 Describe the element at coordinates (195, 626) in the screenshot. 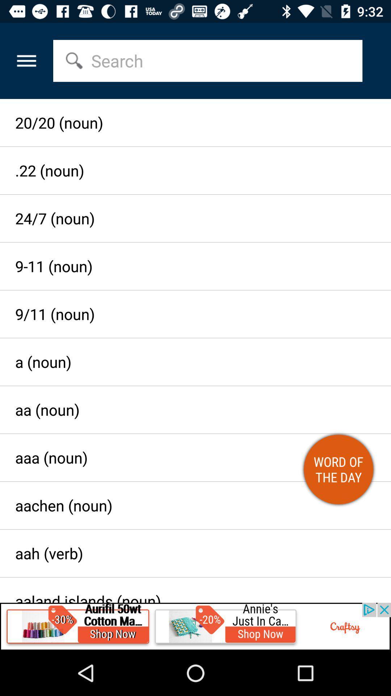

I see `advertisement` at that location.